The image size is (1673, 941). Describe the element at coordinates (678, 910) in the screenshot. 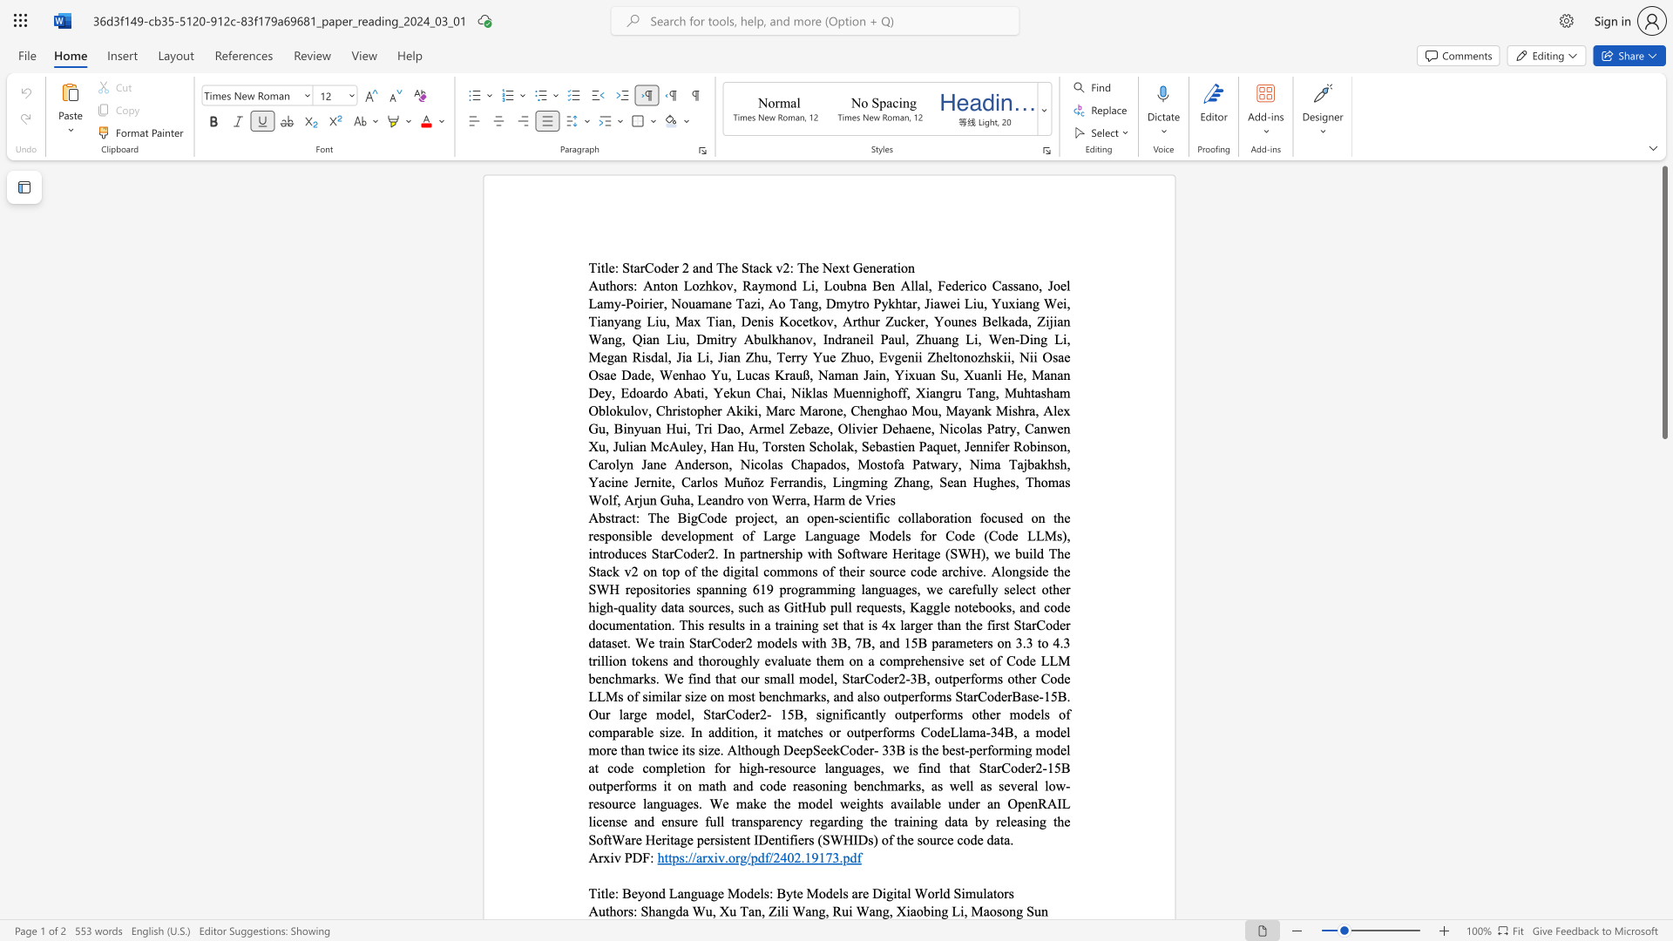

I see `the 1th character "d" in the text` at that location.